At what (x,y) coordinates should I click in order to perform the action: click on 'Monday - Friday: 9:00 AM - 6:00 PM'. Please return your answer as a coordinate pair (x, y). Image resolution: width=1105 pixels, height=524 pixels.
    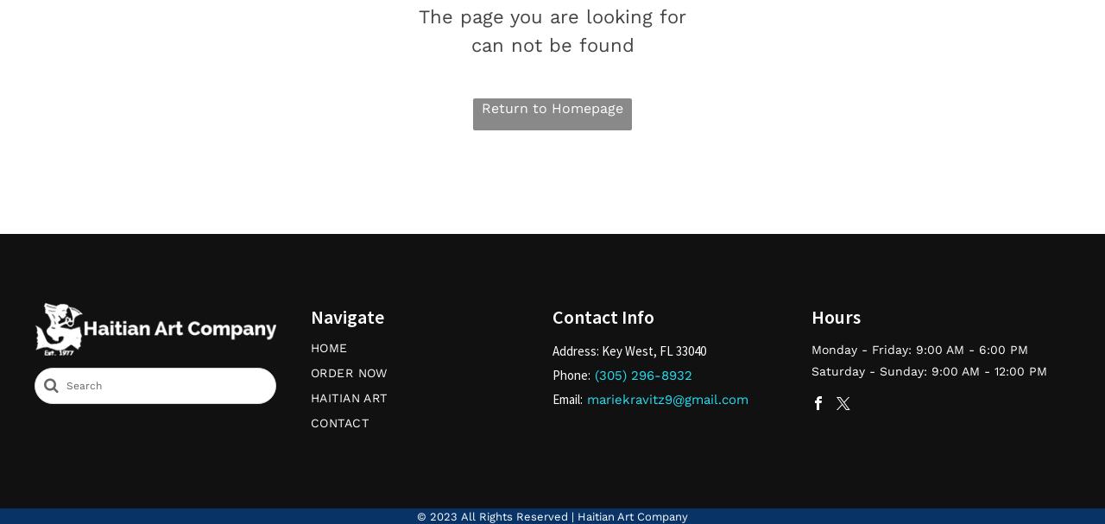
    Looking at the image, I should click on (919, 348).